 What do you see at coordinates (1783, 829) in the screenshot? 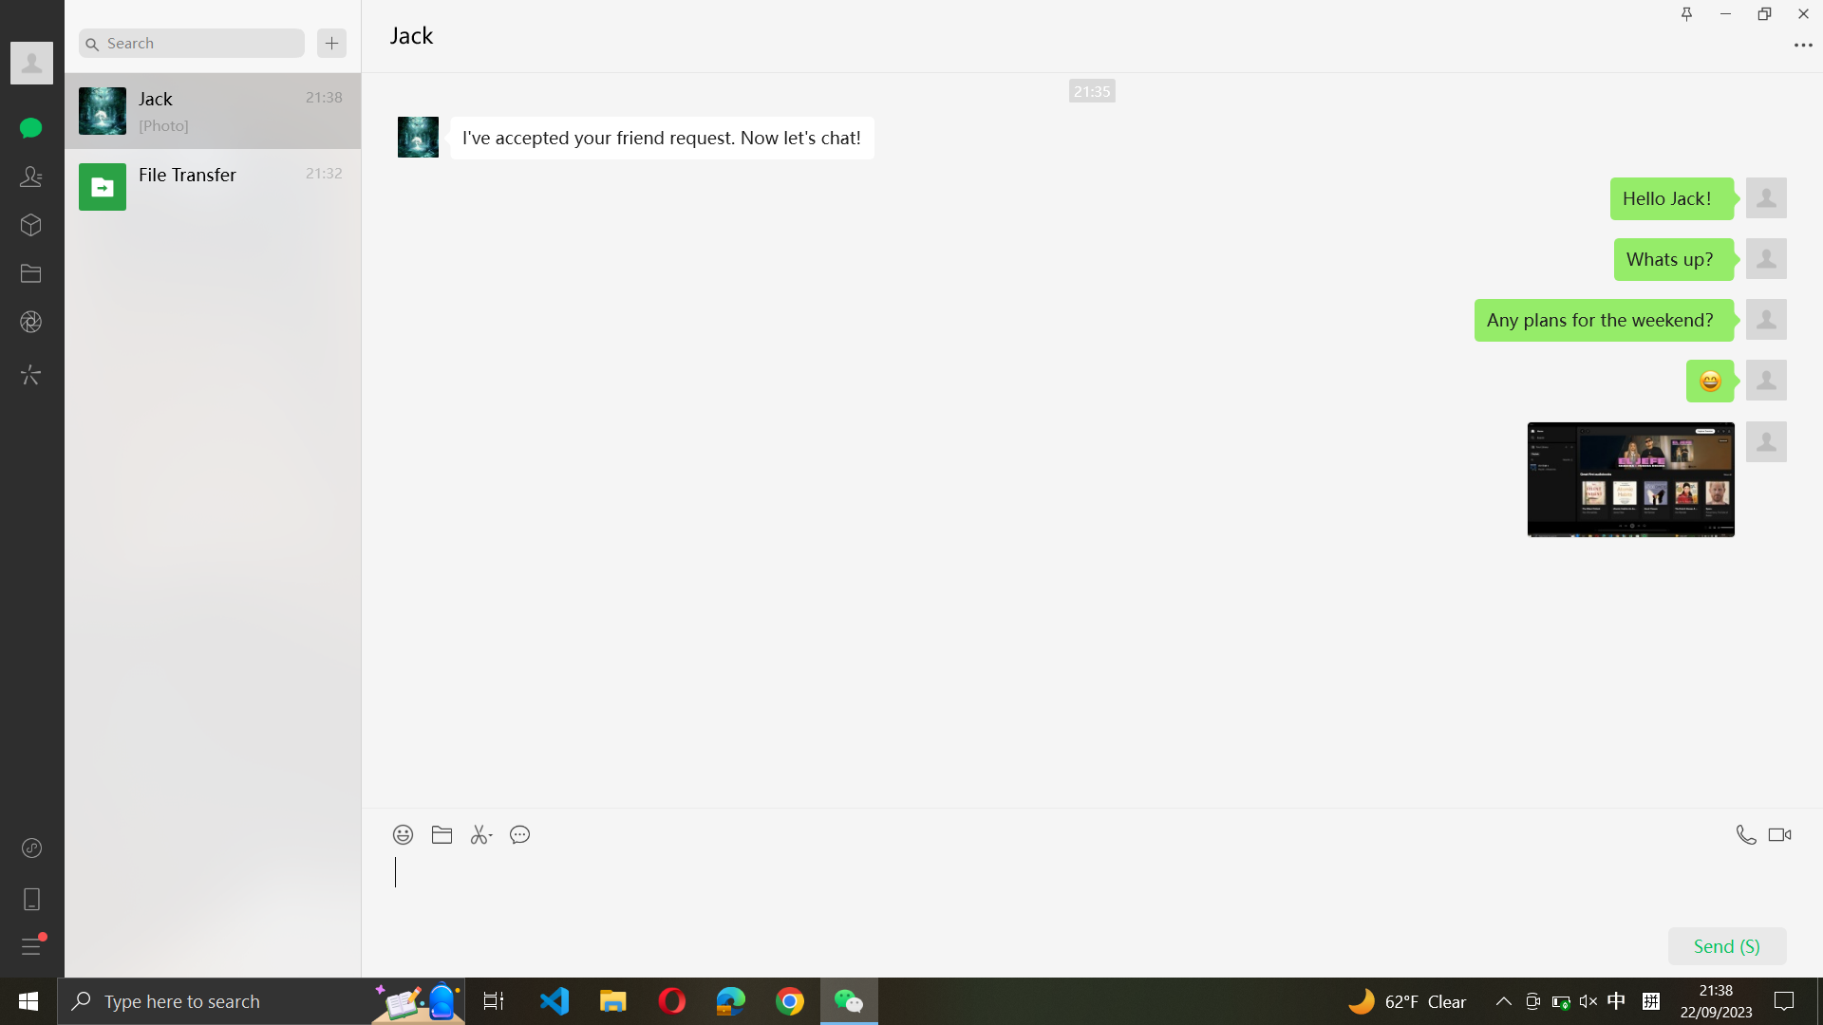
I see `video call to Jack` at bounding box center [1783, 829].